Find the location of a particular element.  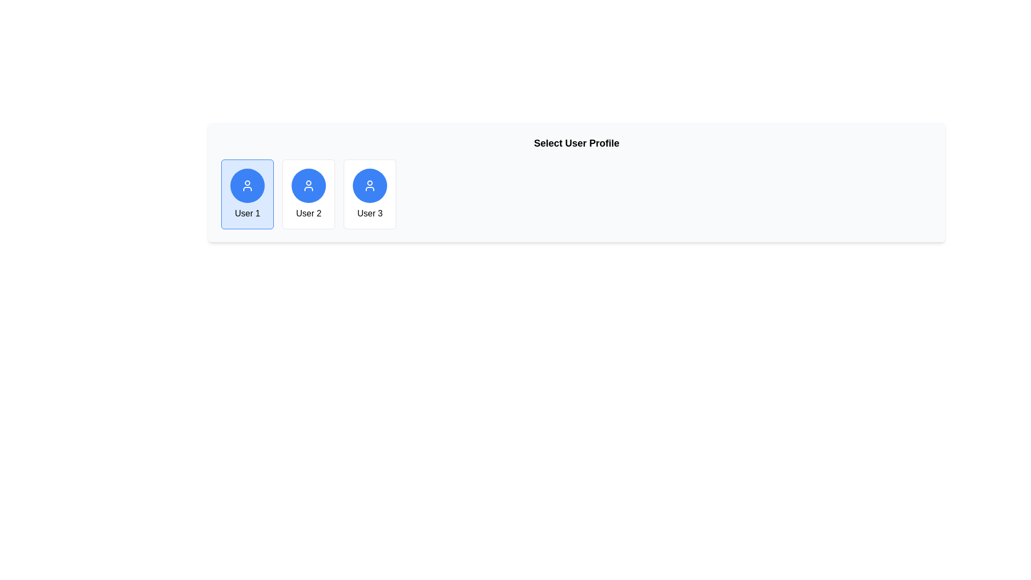

text label describing the user profile located below the circular user icon in the first card among three similar cards arranged horizontally is located at coordinates (246, 213).